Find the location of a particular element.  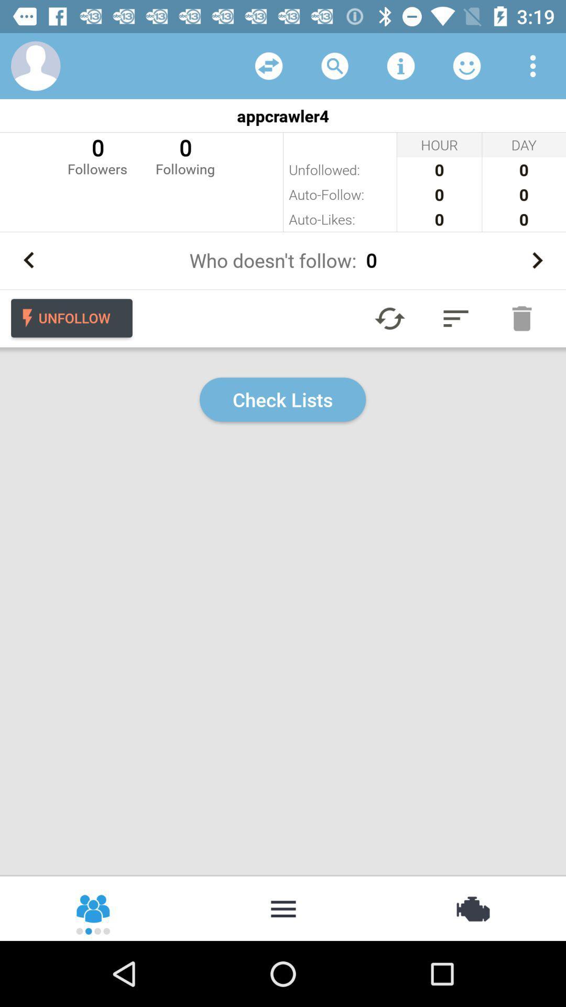

icon below the appcrawler4 icon is located at coordinates (97, 155).